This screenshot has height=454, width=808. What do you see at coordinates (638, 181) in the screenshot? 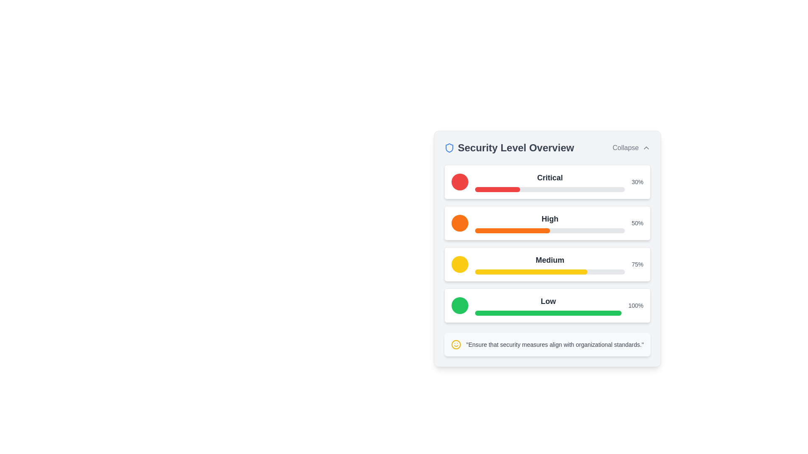
I see `the Text label displaying the percentage value of 30% located at the far right end of the 'Critical' security level section, immediately to the right of the progress bar and below the header 'Critical'` at bounding box center [638, 181].